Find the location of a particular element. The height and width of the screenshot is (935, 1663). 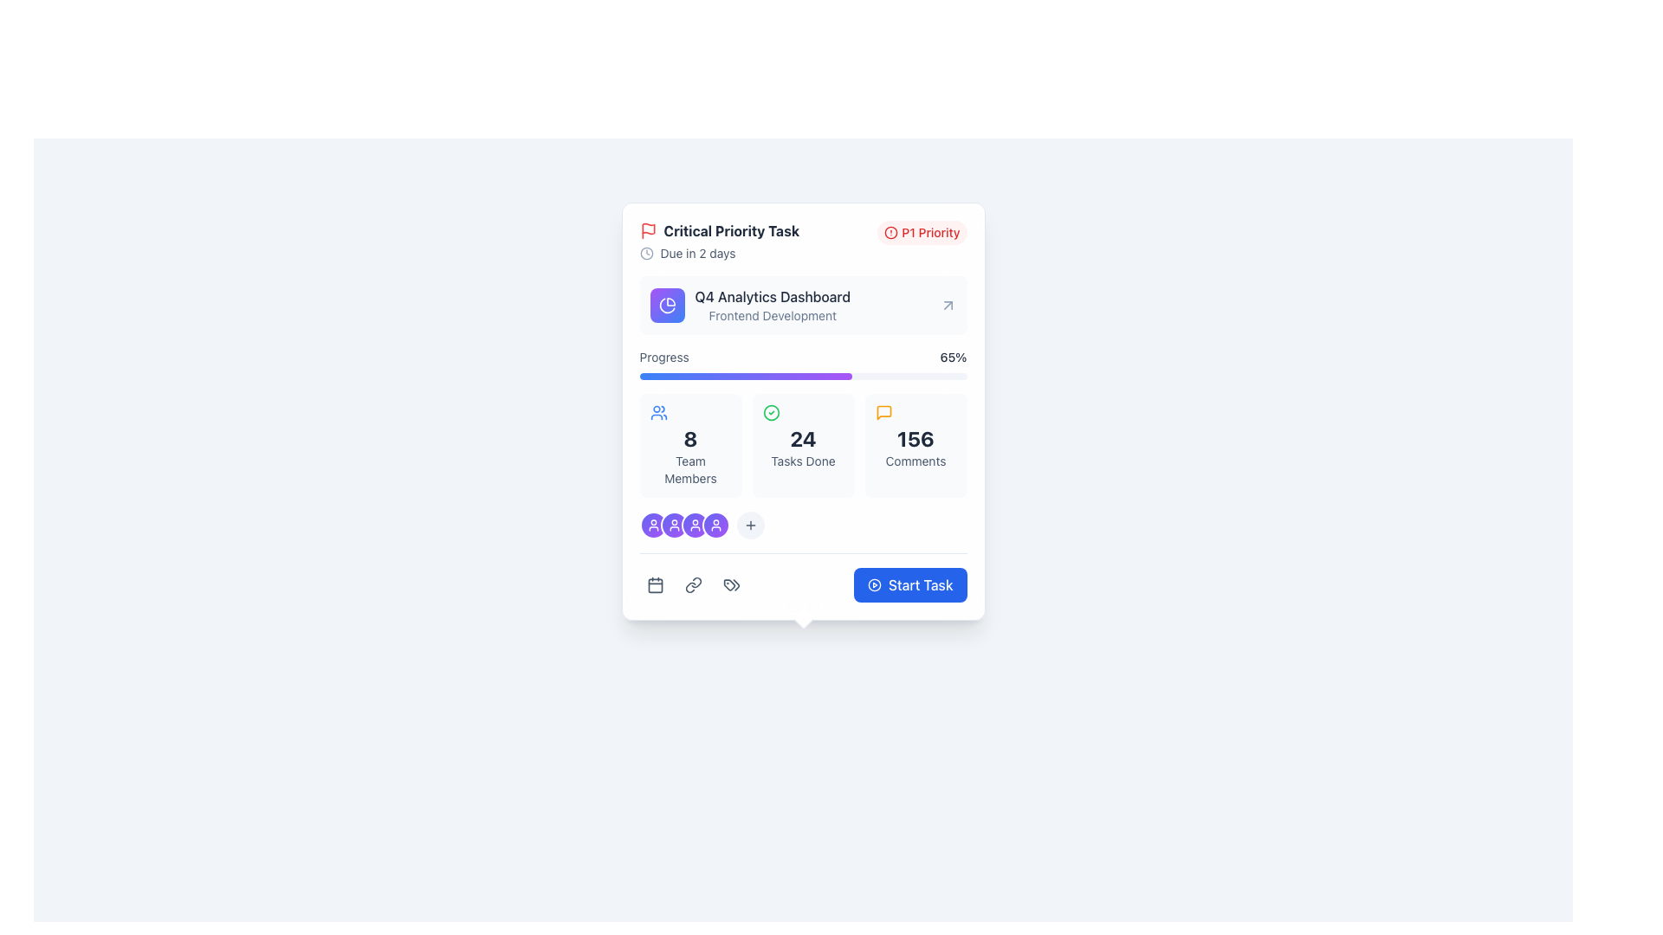

the small circular '+' icon button located at the lower part of the card, to the right of user profile icons is located at coordinates (750, 524).